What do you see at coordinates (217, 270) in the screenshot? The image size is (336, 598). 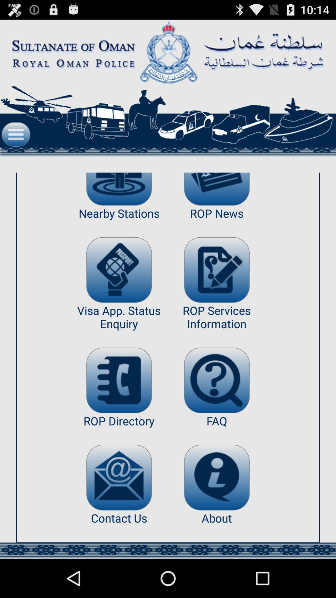 I see `'rop services information button` at bounding box center [217, 270].